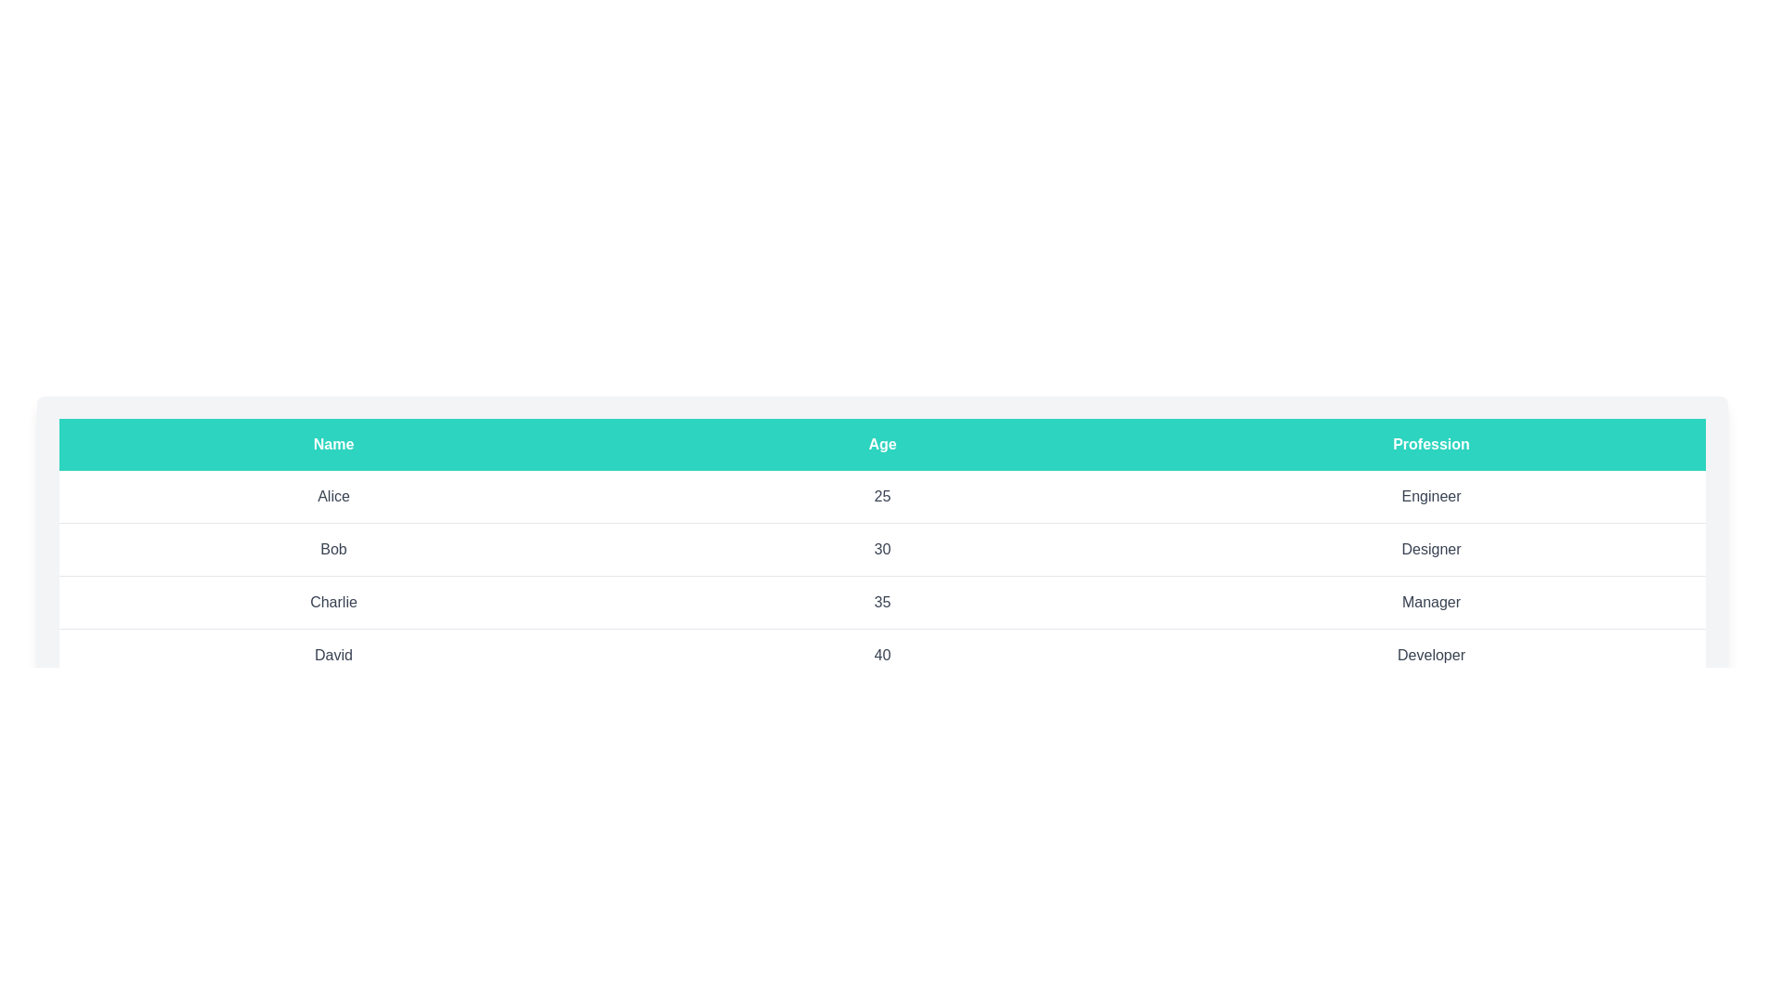 The width and height of the screenshot is (1783, 1003). What do you see at coordinates (881, 548) in the screenshot?
I see `text label representing the age of the individual named Bob, located in the second row of the table under the 'Age' column` at bounding box center [881, 548].